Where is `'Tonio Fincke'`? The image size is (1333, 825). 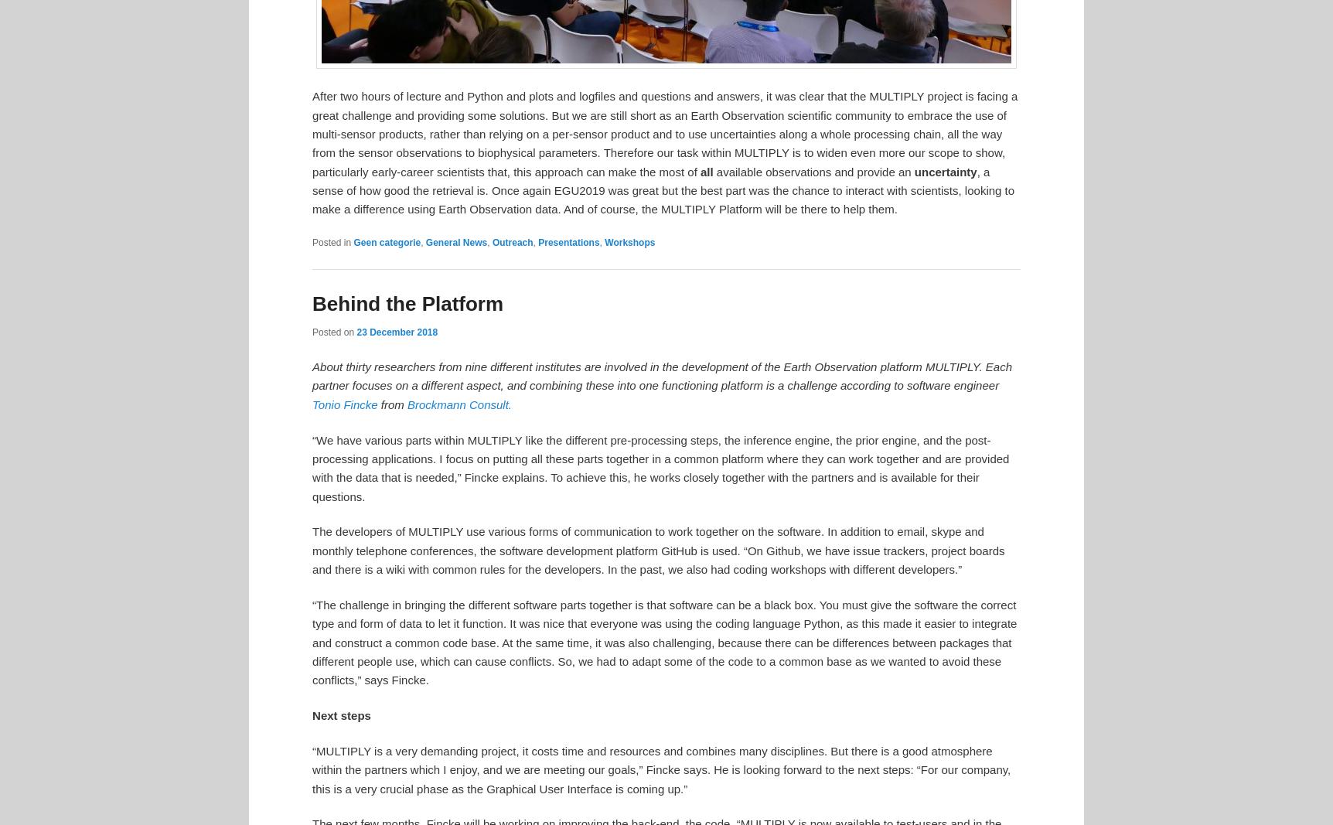 'Tonio Fincke' is located at coordinates (311, 403).